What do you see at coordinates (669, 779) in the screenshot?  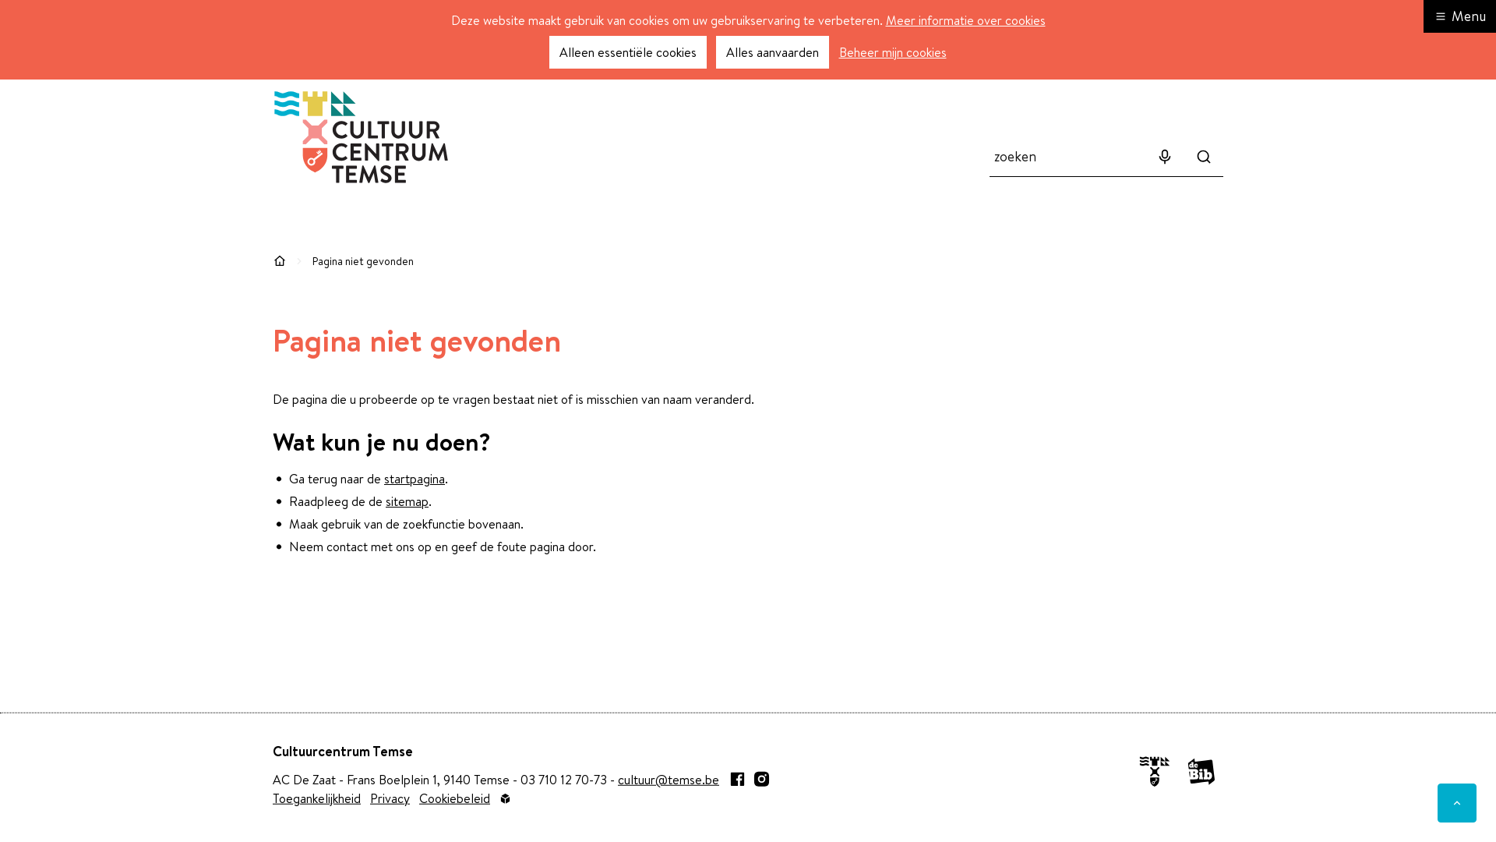 I see `'cultuur@temse.be'` at bounding box center [669, 779].